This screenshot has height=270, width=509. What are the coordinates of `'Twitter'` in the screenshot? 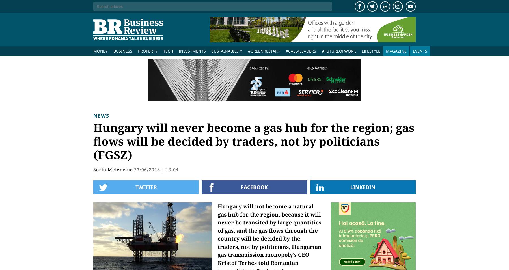 It's located at (146, 187).